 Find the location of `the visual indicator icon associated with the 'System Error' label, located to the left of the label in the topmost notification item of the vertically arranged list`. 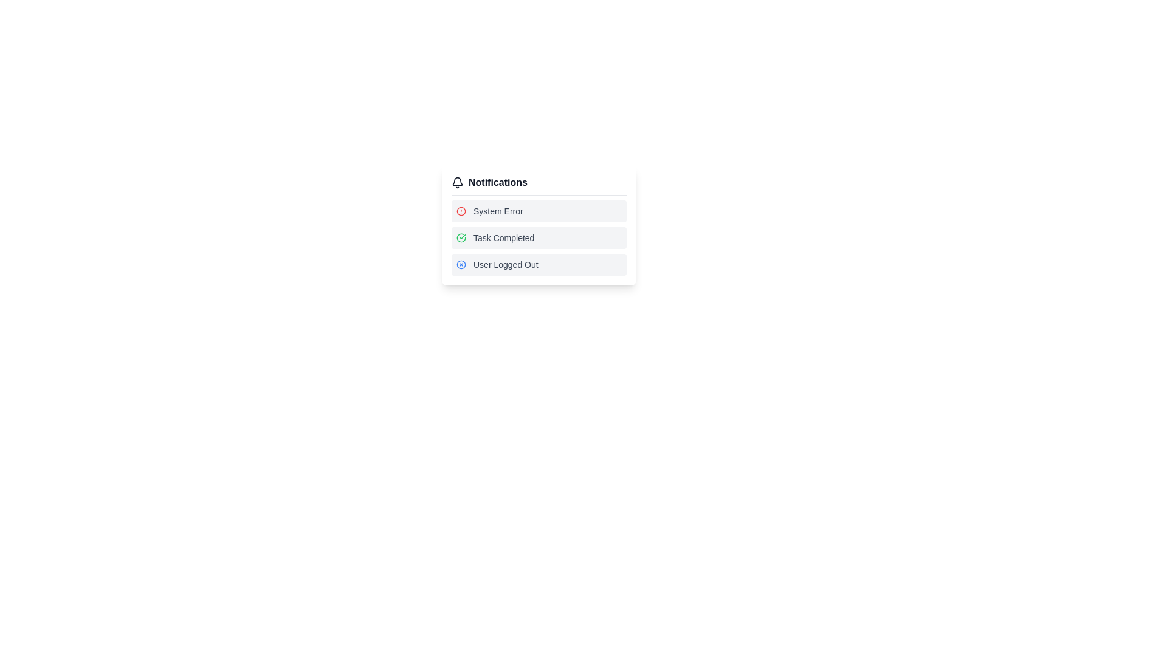

the visual indicator icon associated with the 'System Error' label, located to the left of the label in the topmost notification item of the vertically arranged list is located at coordinates (460, 210).